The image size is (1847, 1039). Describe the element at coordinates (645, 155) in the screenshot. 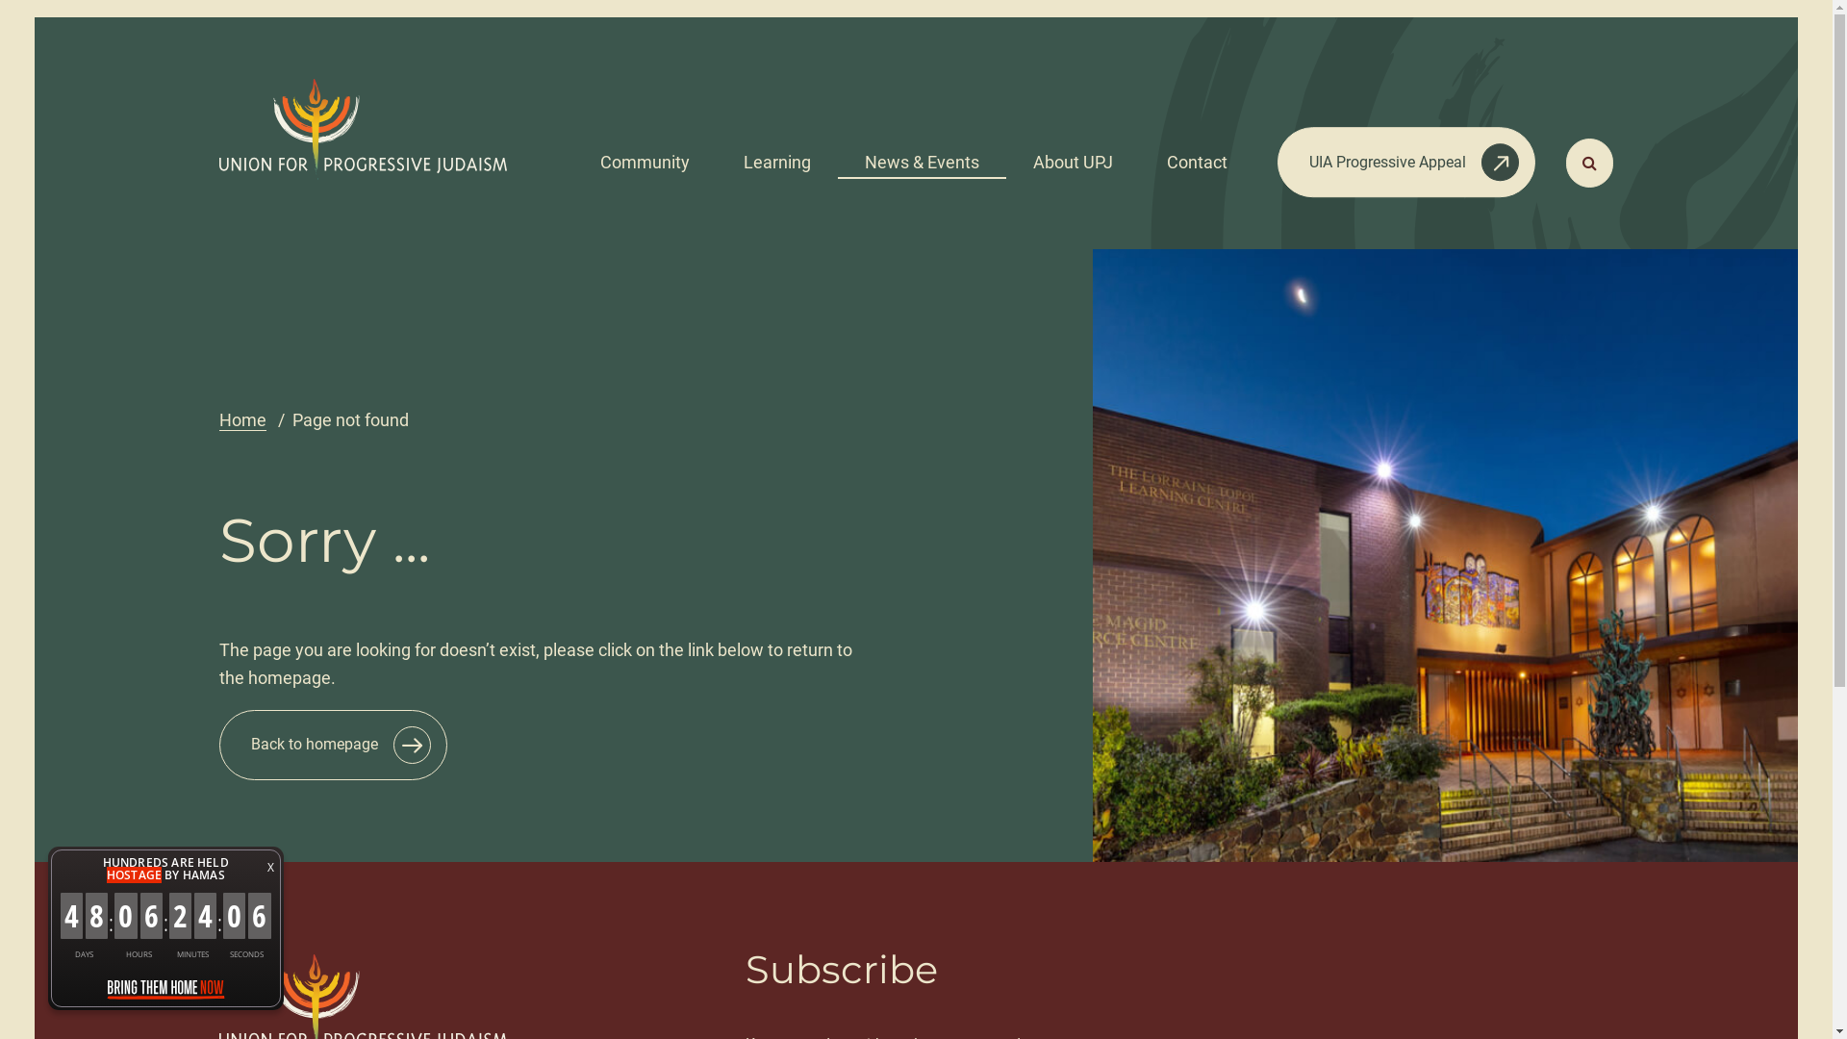

I see `'Community'` at that location.